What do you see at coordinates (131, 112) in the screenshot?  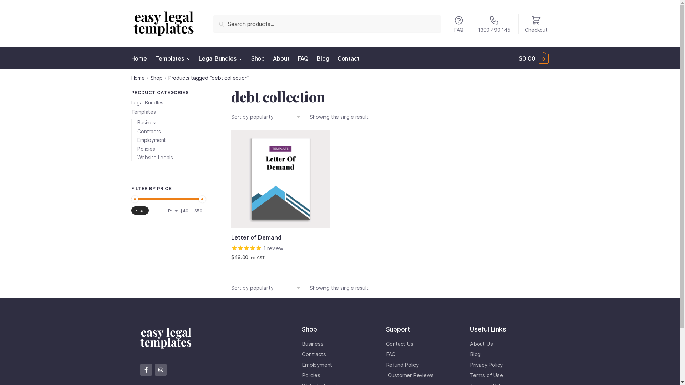 I see `'Templates'` at bounding box center [131, 112].